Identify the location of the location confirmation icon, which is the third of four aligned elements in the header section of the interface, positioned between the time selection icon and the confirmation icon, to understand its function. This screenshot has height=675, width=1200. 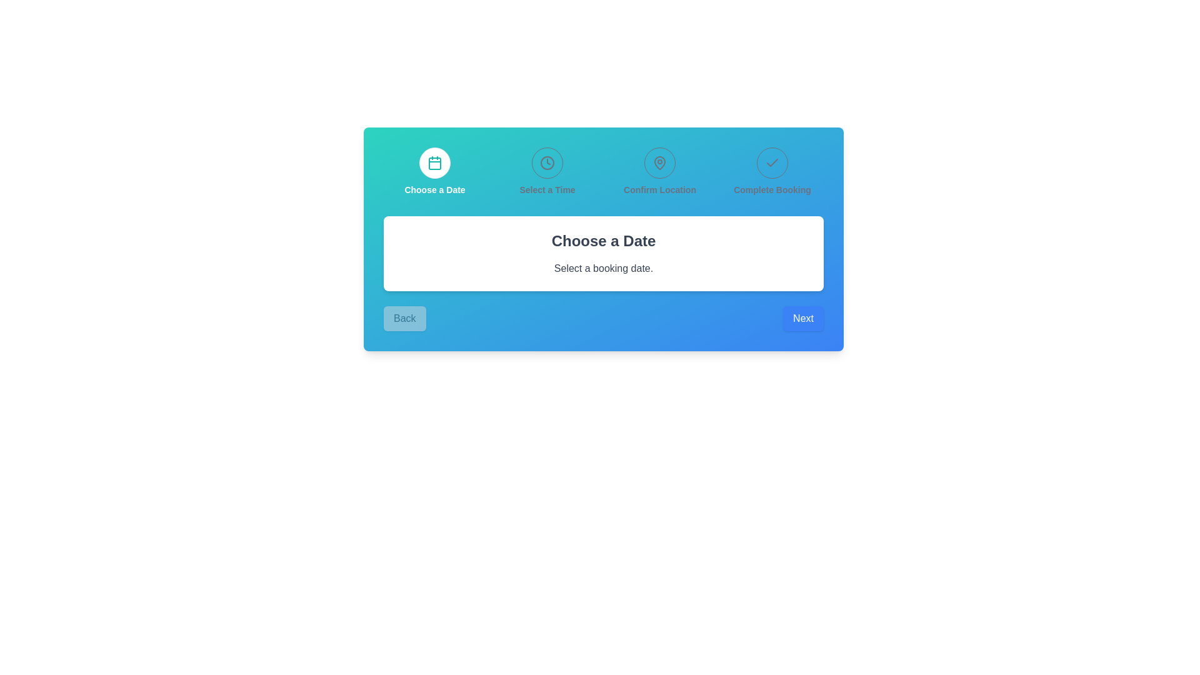
(659, 162).